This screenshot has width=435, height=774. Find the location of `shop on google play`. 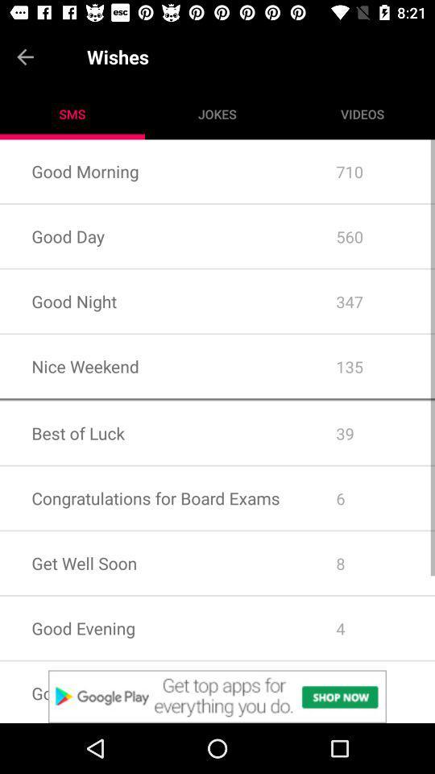

shop on google play is located at coordinates (217, 696).